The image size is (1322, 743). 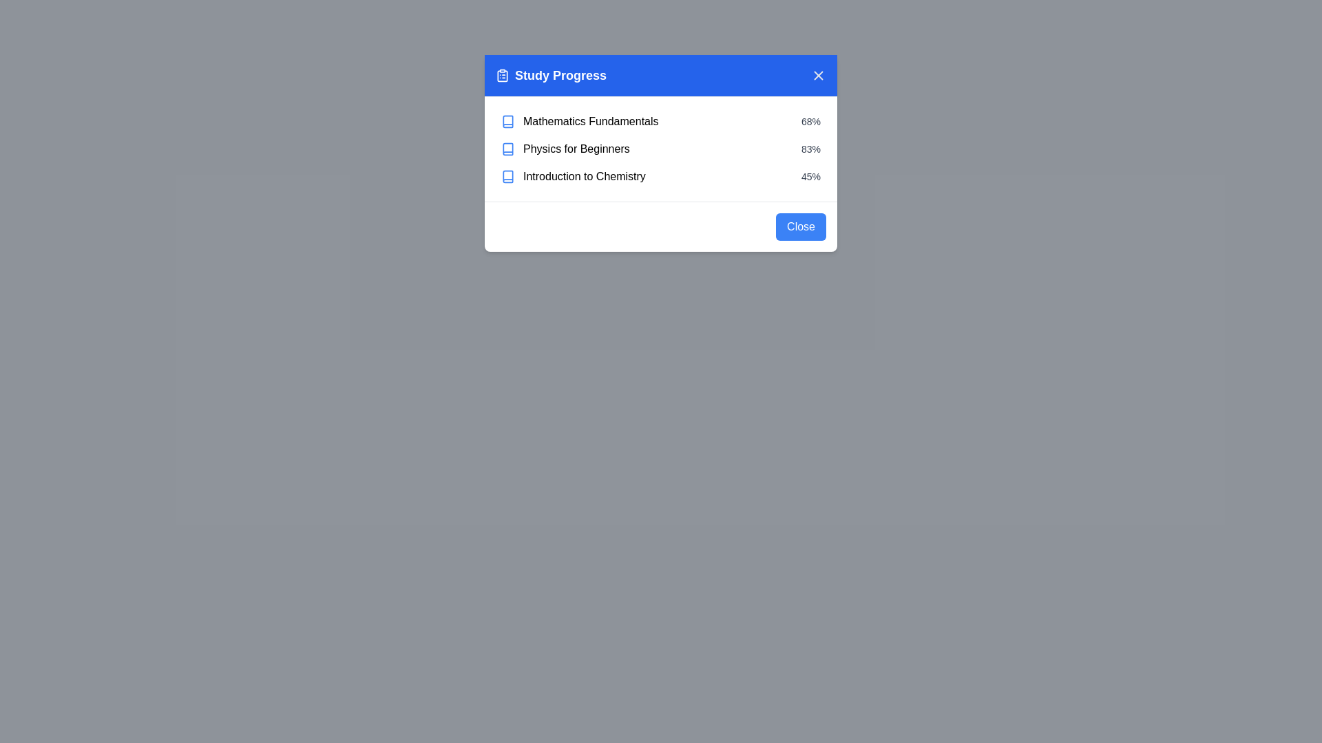 I want to click on the blue clipboard-like icon located to the left of the 'Study Progress' title text at the top section of the modal dialog, so click(x=501, y=76).